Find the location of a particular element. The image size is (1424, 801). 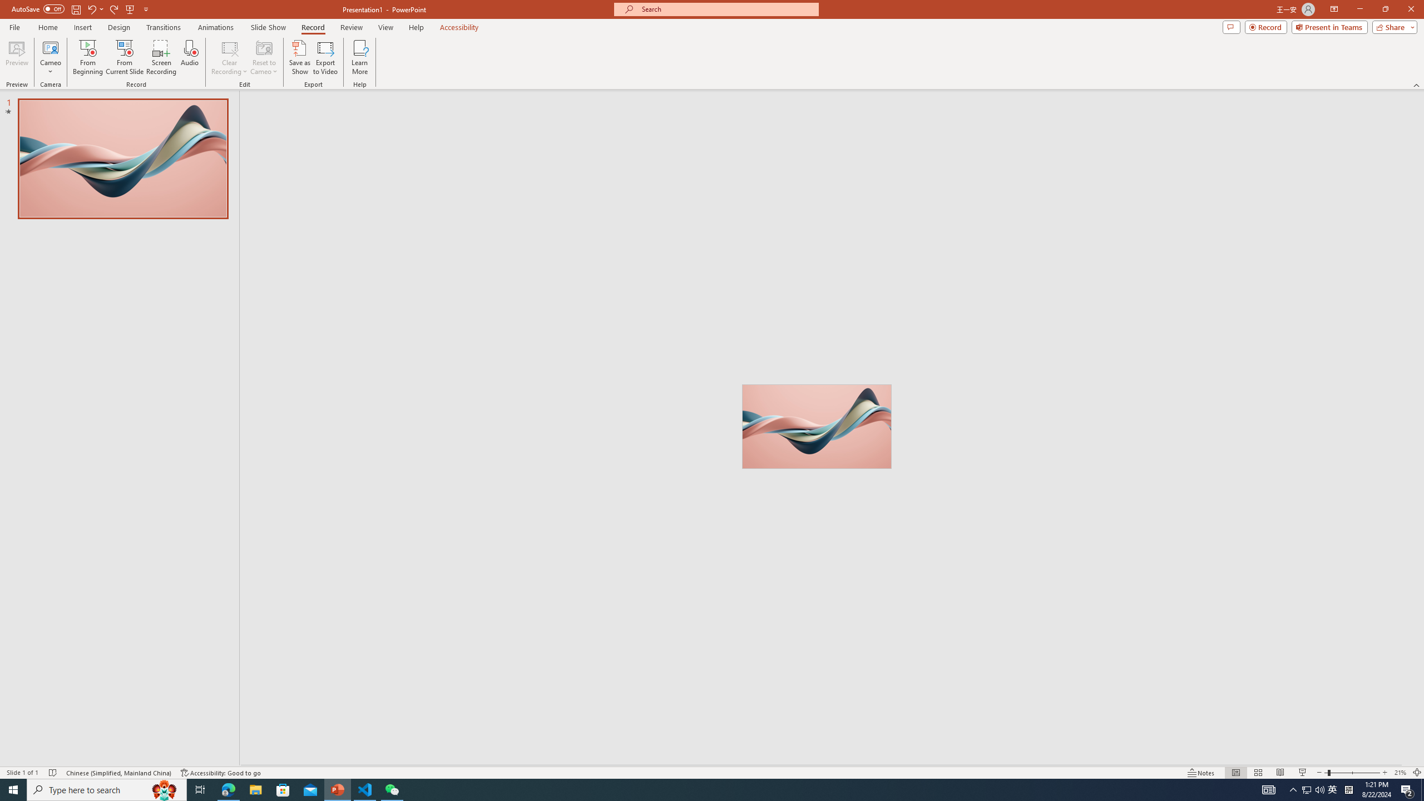

'Zoom 21%' is located at coordinates (1400, 773).